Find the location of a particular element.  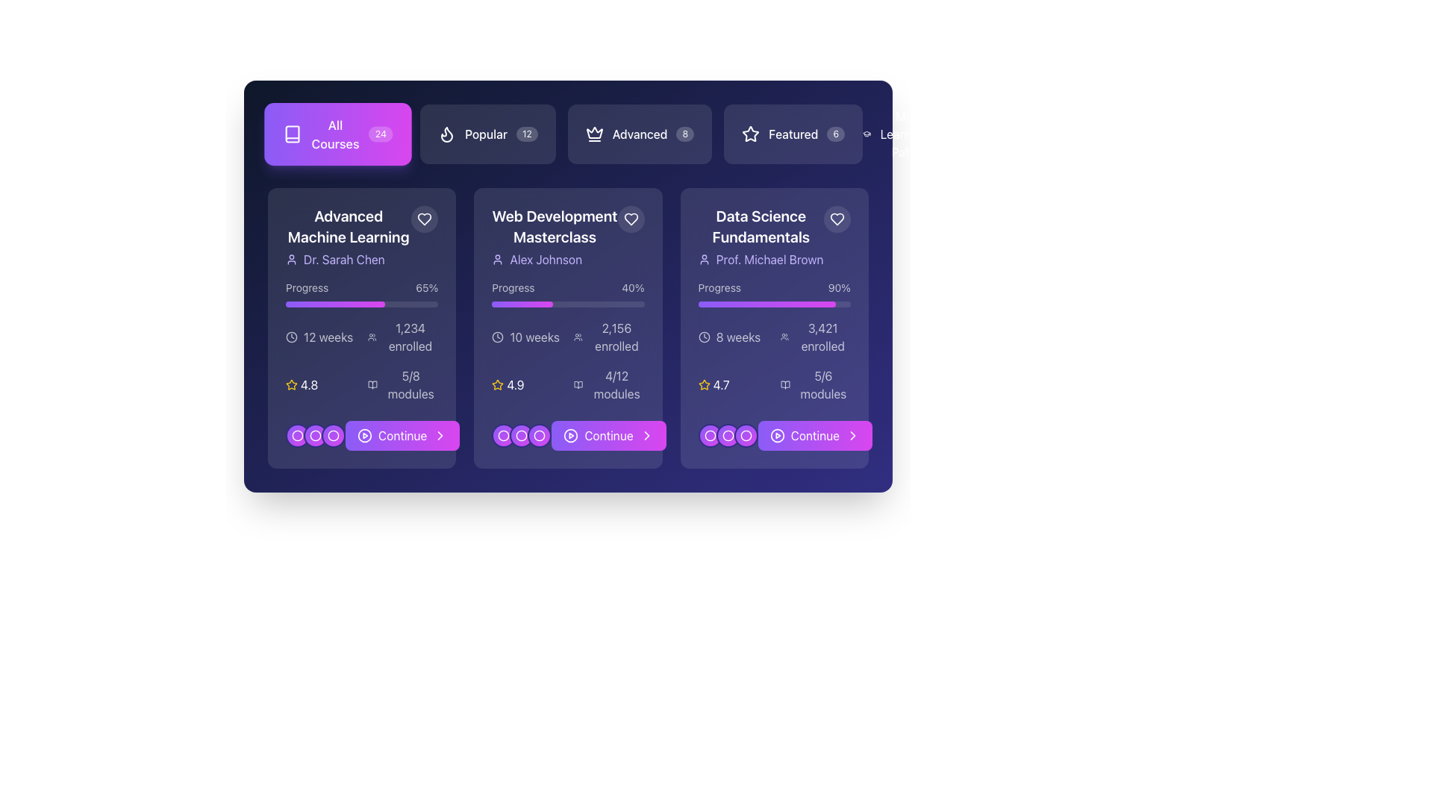

the static text label displaying 'Alex Johnson', which is styled in light purple on a dark background and located inside the 'Web Development Masterclass' card is located at coordinates (545, 258).